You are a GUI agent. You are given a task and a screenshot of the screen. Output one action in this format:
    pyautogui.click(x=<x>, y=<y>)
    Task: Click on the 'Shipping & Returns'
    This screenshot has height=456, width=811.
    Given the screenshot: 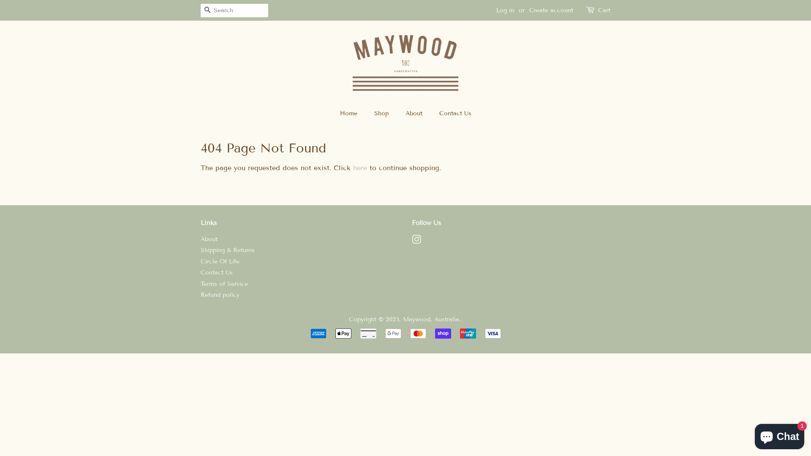 What is the action you would take?
    pyautogui.click(x=227, y=250)
    